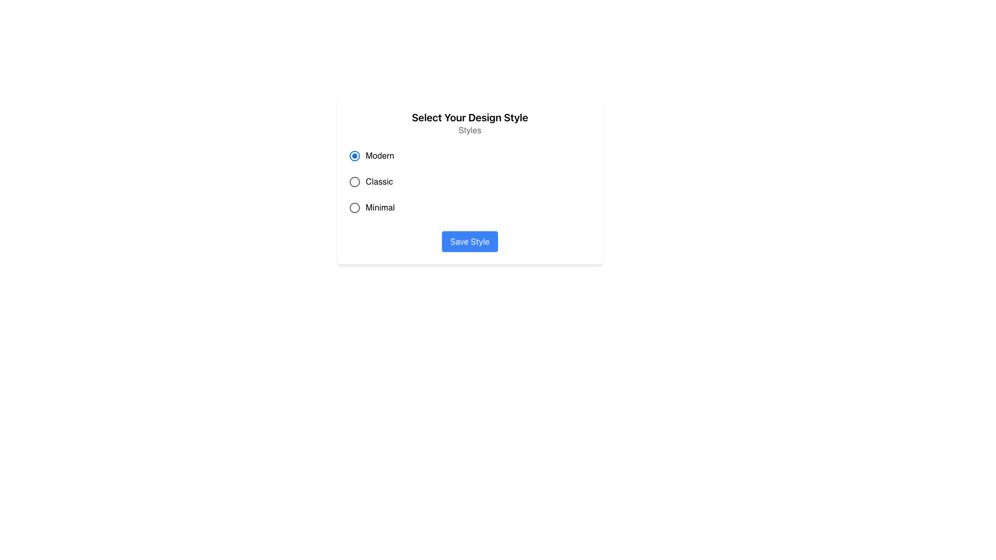  Describe the element at coordinates (355, 156) in the screenshot. I see `the first radio button labeled 'Modern'` at that location.